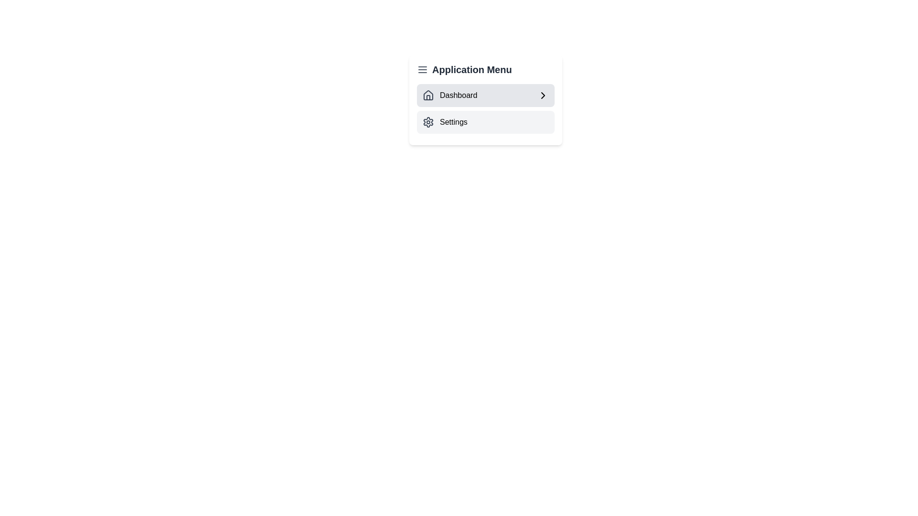 This screenshot has width=918, height=516. I want to click on the first menu item in the vertical list of the 'Application Menu', so click(486, 100).